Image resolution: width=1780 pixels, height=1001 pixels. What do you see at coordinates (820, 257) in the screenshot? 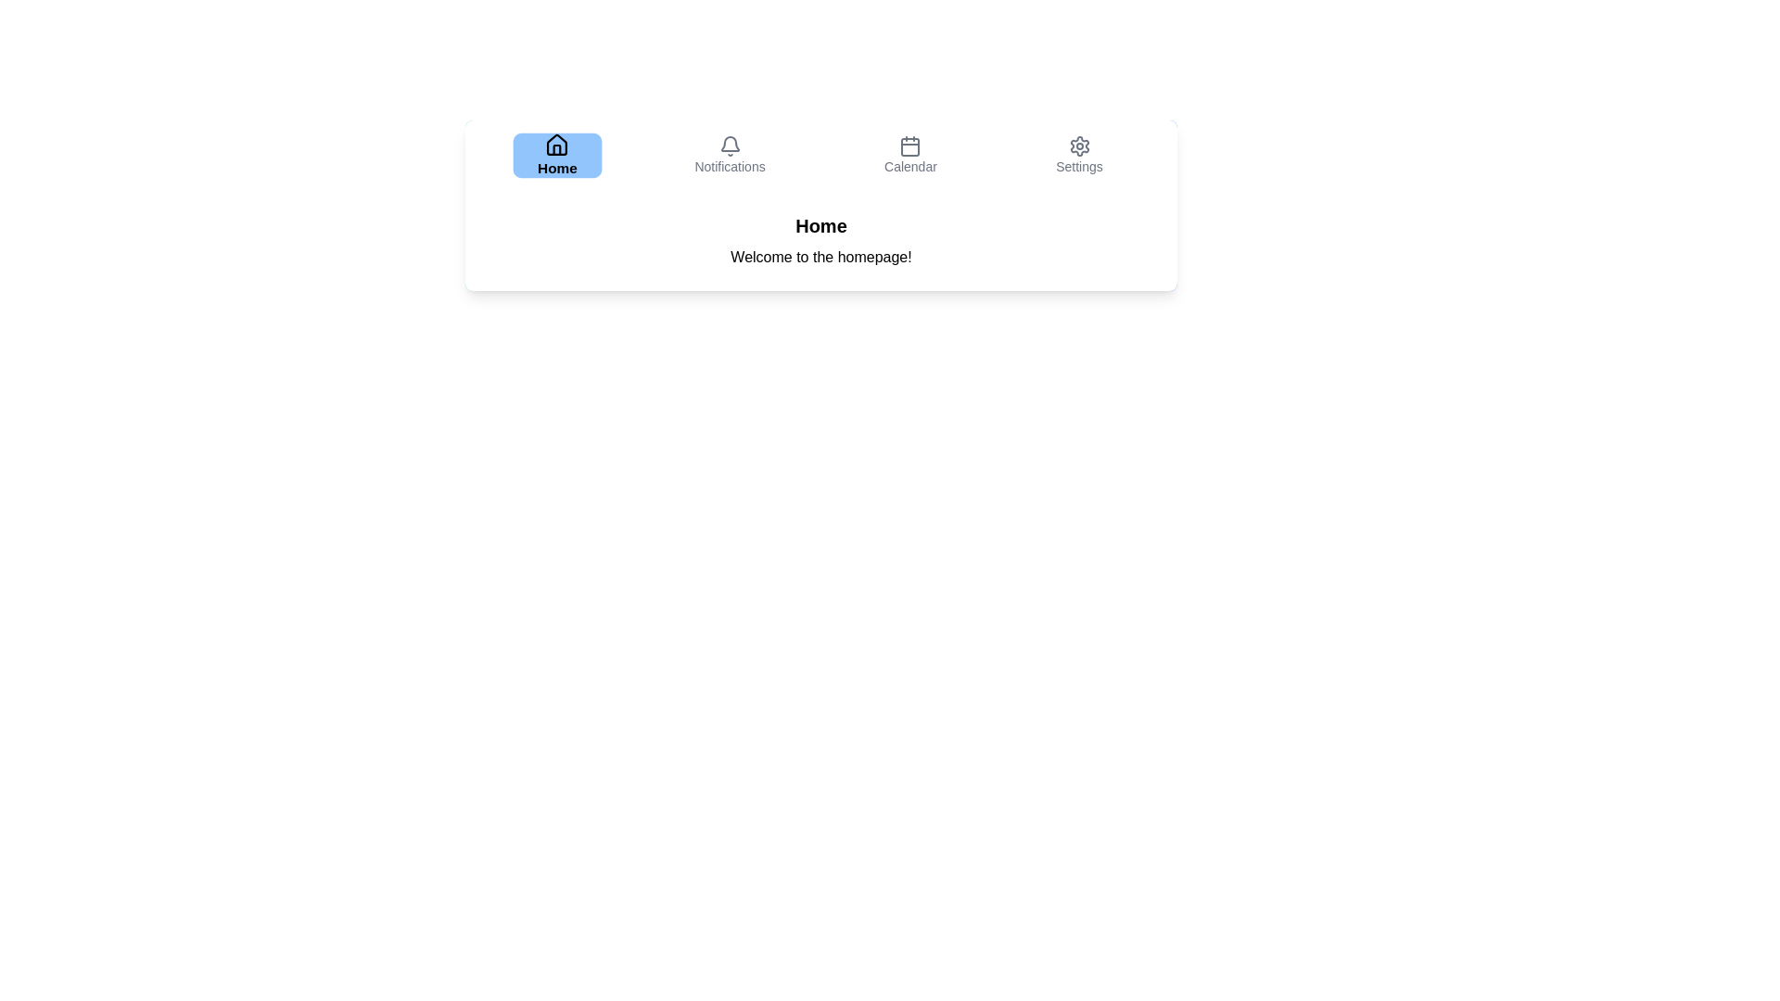
I see `the welcoming message Static Text Label located below the 'Home' text element` at bounding box center [820, 257].